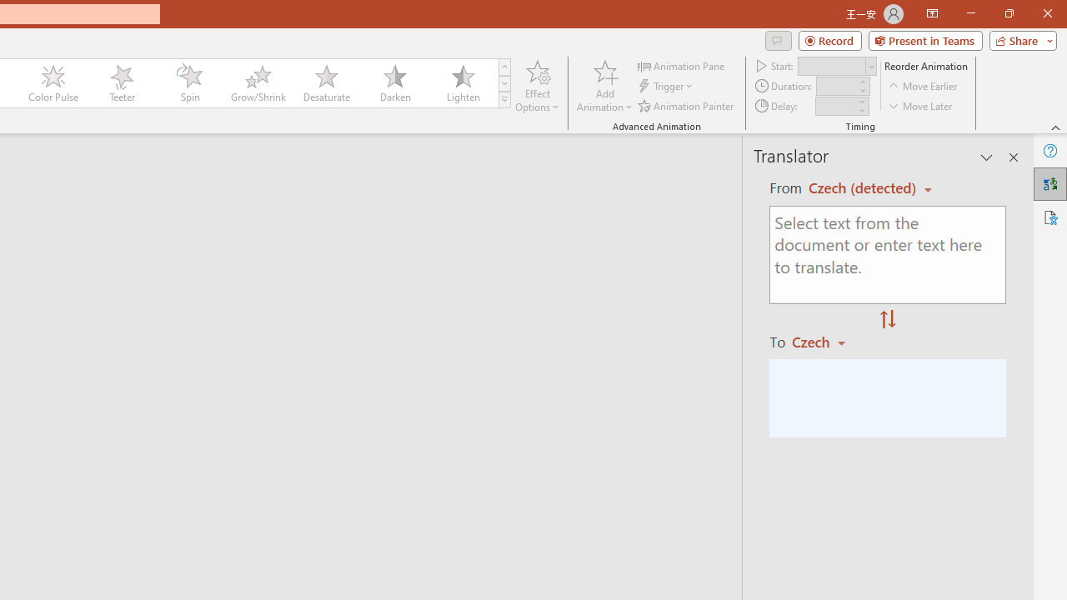 The width and height of the screenshot is (1067, 600). What do you see at coordinates (836, 86) in the screenshot?
I see `'Animation Duration'` at bounding box center [836, 86].